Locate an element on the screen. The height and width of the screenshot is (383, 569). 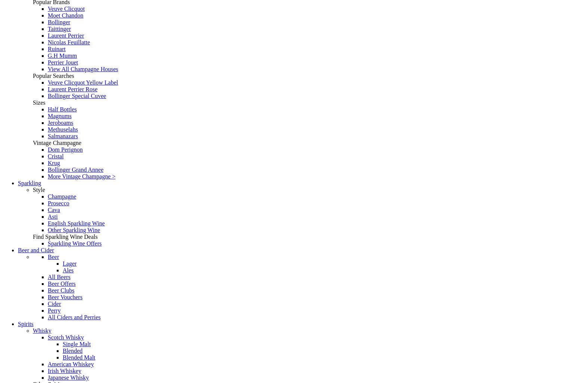
'Bollinger Grand Annee' is located at coordinates (75, 169).